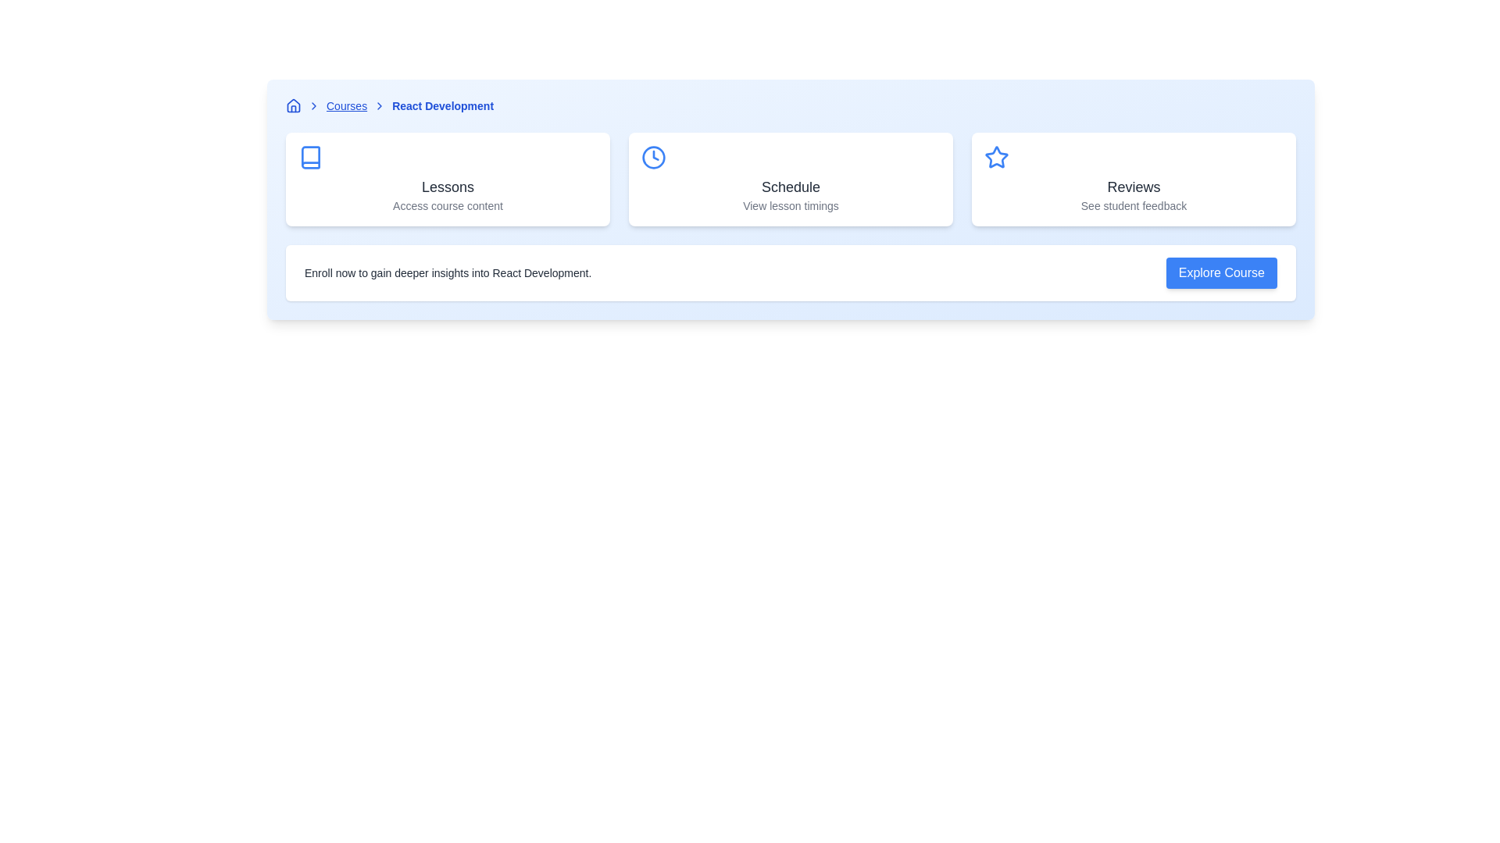 The width and height of the screenshot is (1500, 843). Describe the element at coordinates (346, 105) in the screenshot. I see `the 'Courses' hyperlink in the breadcrumb navigation` at that location.